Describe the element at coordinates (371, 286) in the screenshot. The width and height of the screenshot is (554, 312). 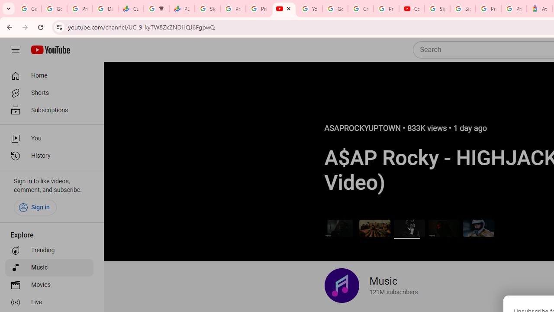
I see `'Music 121 million subscribers'` at that location.